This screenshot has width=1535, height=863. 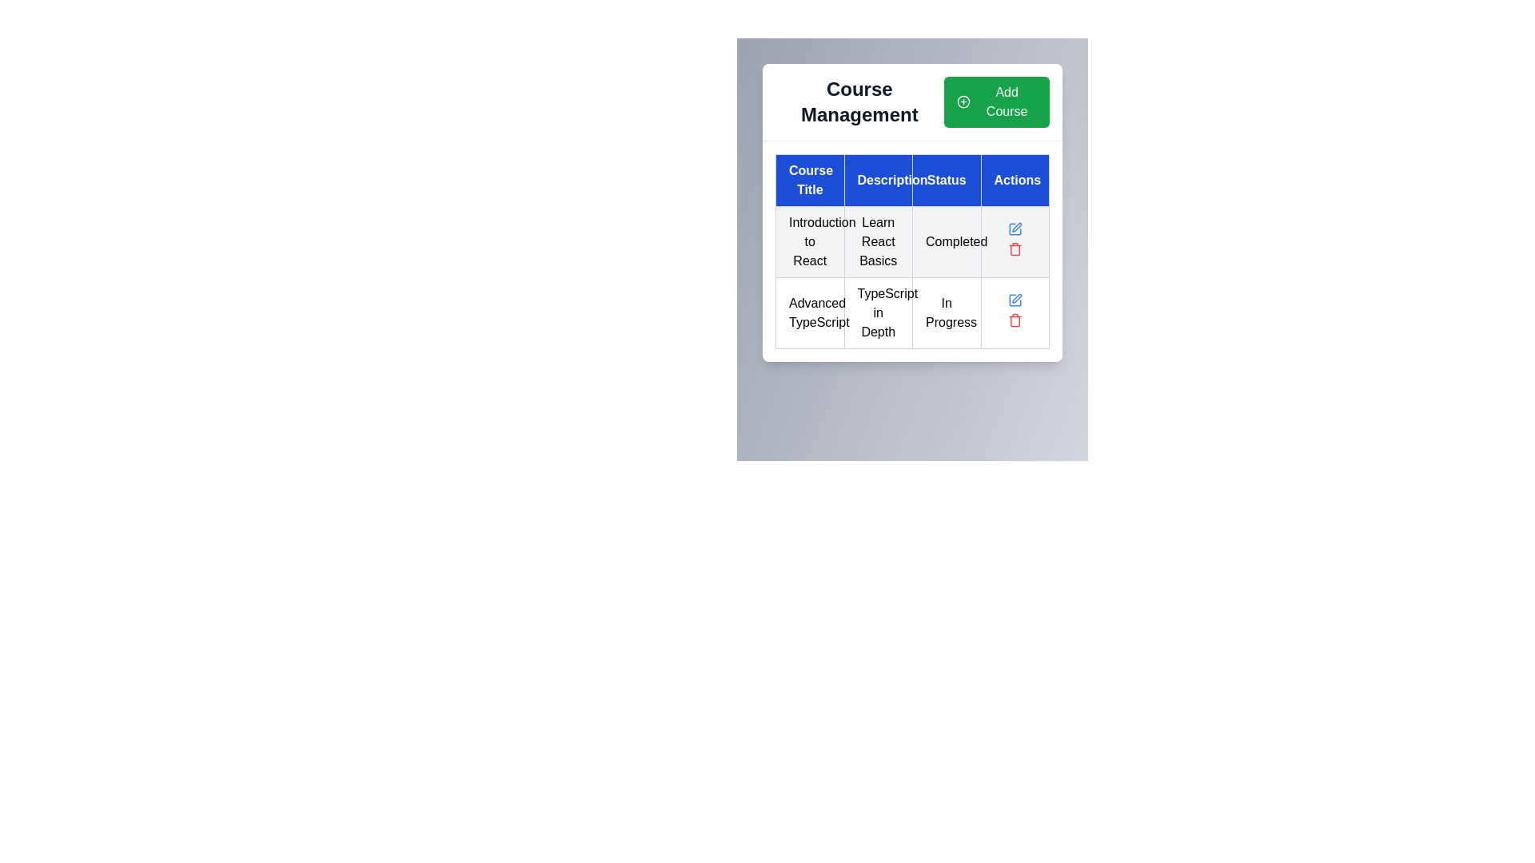 I want to click on the edit icon button located in the Actions column of the second row of the table, so click(x=1016, y=298).